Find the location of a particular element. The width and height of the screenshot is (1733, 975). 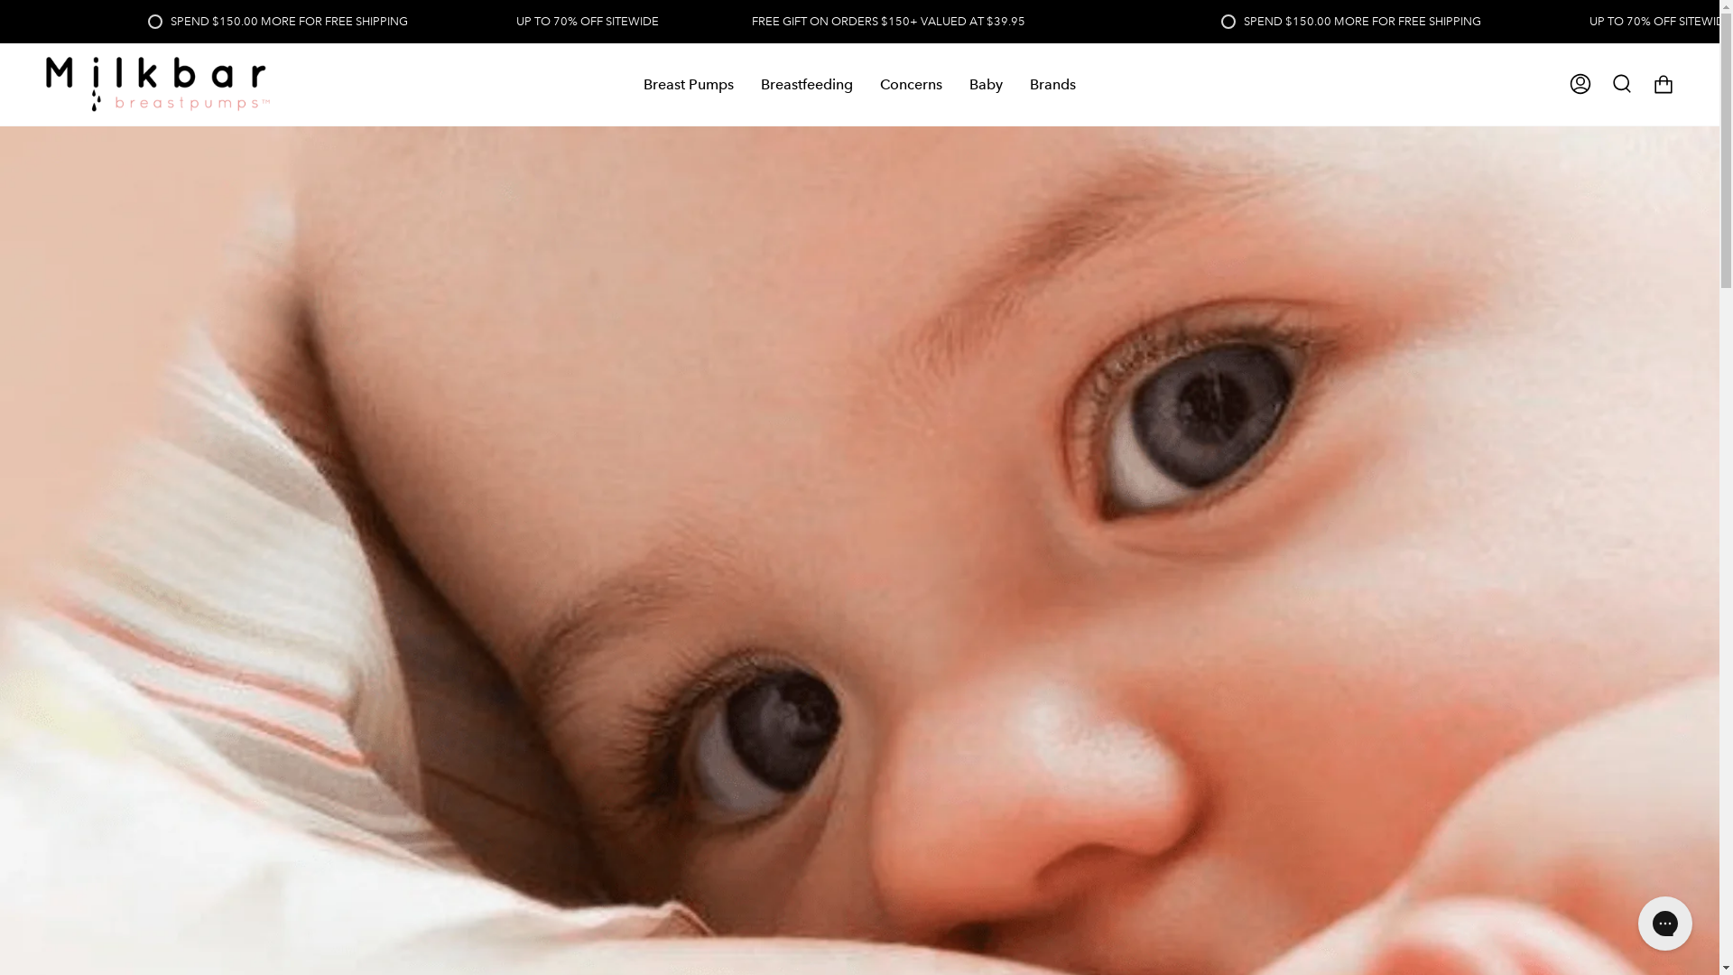

'Concerns' is located at coordinates (911, 84).